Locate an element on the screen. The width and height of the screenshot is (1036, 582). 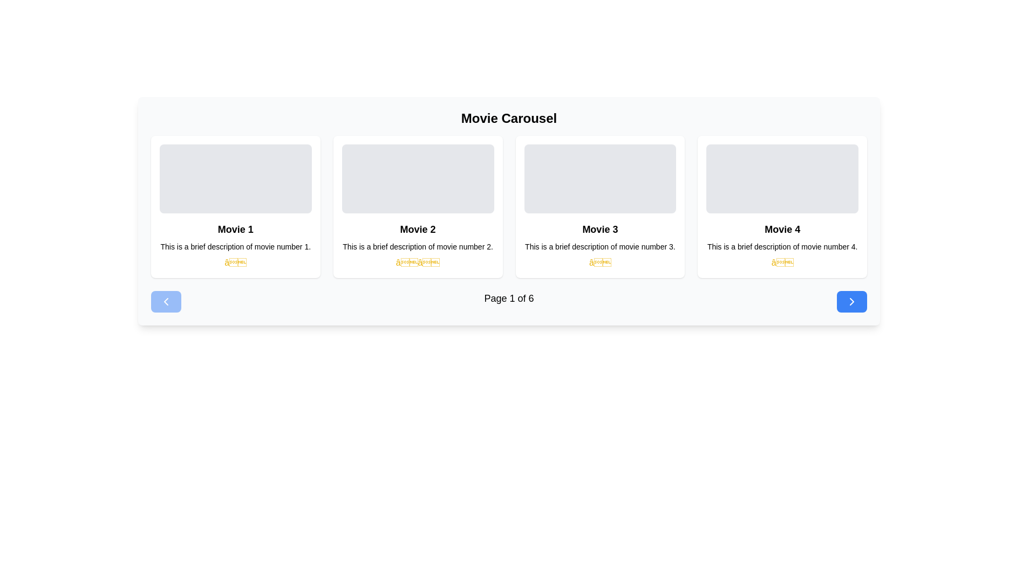
text content of the label stating 'This is a brief description of movie number 4.' located below the title 'Movie 4.' is located at coordinates (782, 247).